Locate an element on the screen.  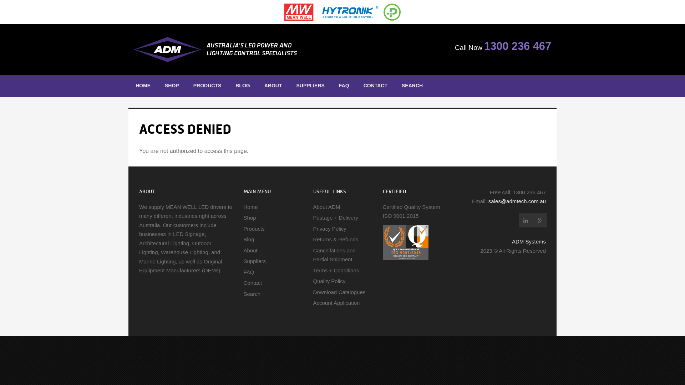
'Account Application' is located at coordinates (336, 303).